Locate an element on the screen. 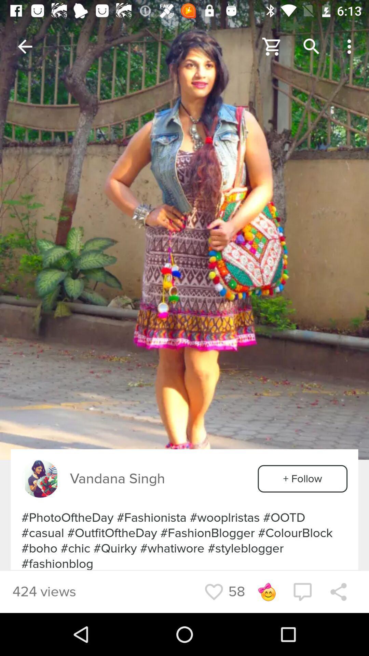  click the like option is located at coordinates (214, 591).